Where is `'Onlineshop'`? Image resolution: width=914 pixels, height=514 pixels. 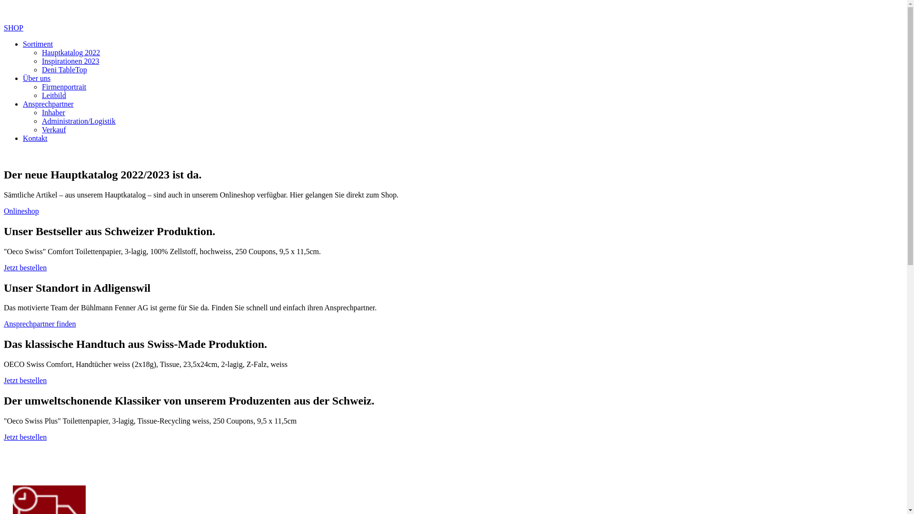
'Onlineshop' is located at coordinates (21, 210).